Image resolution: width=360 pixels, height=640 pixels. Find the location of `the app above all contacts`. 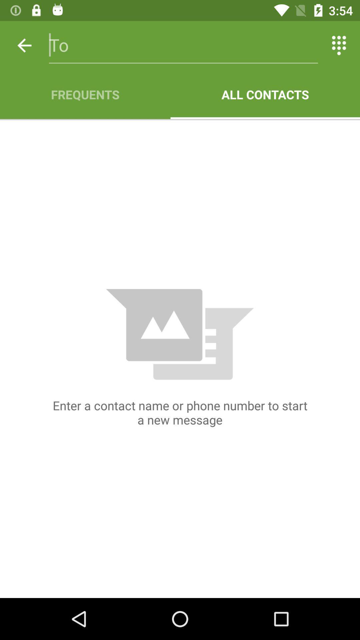

the app above all contacts is located at coordinates (339, 45).